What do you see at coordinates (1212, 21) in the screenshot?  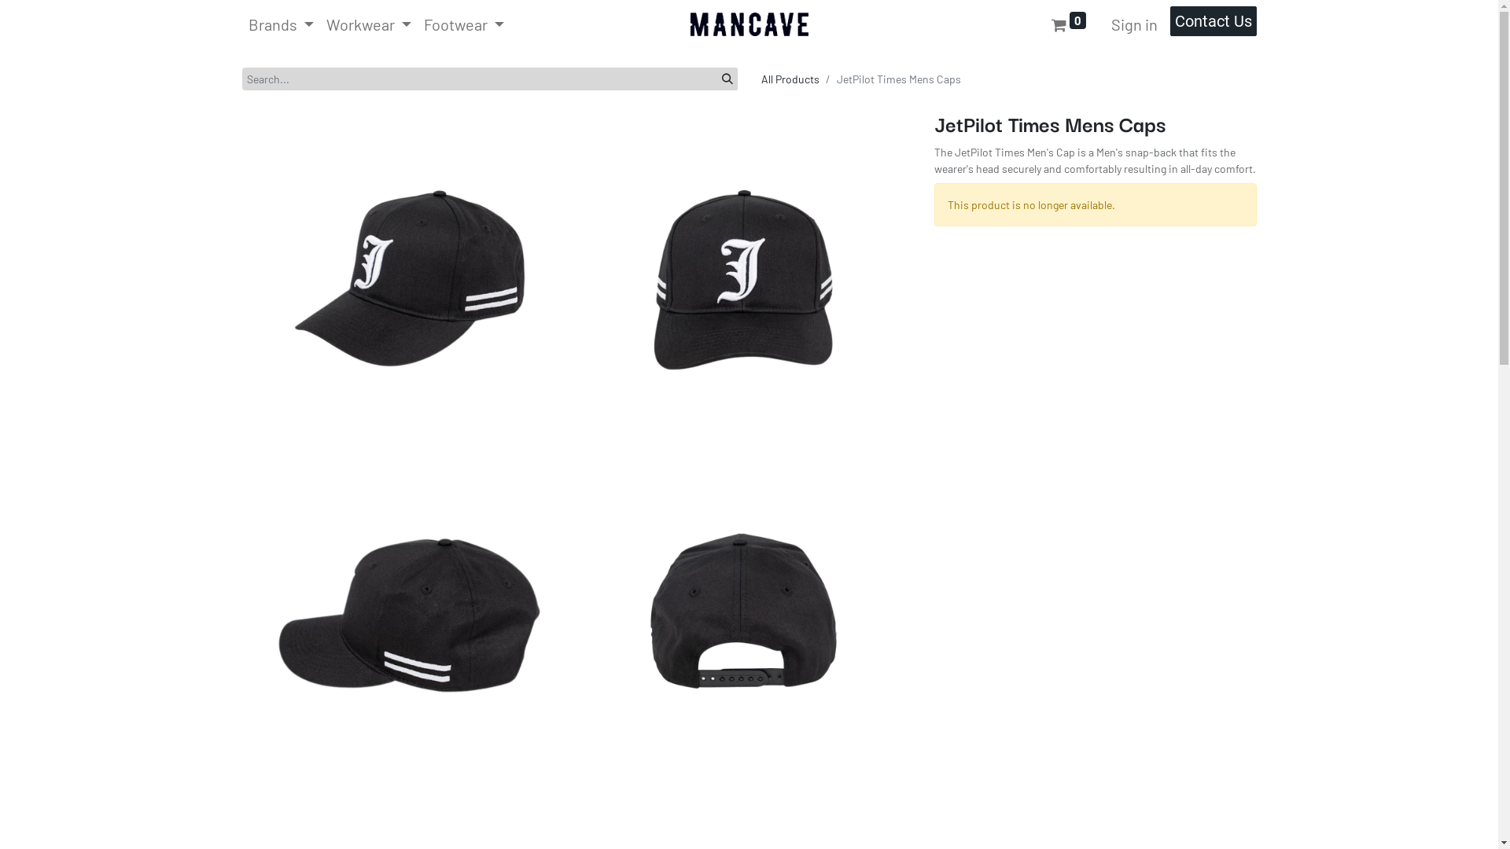 I see `'Contact Us'` at bounding box center [1212, 21].